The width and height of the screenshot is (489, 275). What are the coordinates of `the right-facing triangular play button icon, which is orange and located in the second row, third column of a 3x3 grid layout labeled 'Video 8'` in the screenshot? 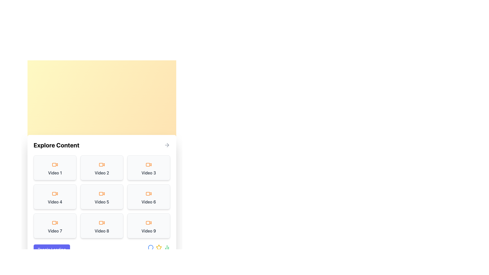 It's located at (103, 222).